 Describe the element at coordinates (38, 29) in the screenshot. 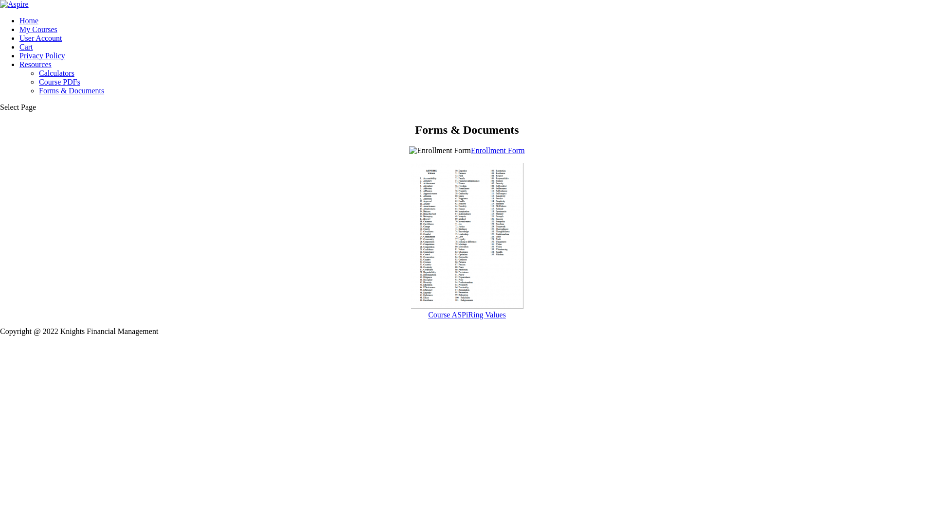

I see `'My Courses'` at that location.